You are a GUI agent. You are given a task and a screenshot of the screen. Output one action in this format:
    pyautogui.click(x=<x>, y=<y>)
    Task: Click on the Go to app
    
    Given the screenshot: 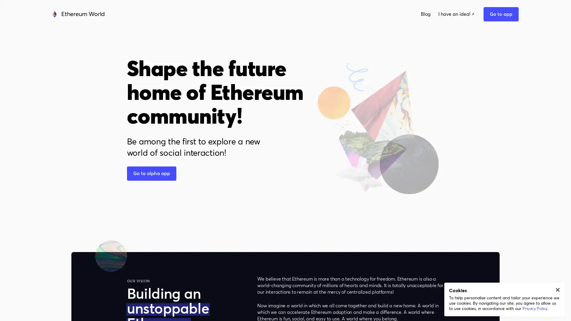 What is the action you would take?
    pyautogui.click(x=458, y=16)
    